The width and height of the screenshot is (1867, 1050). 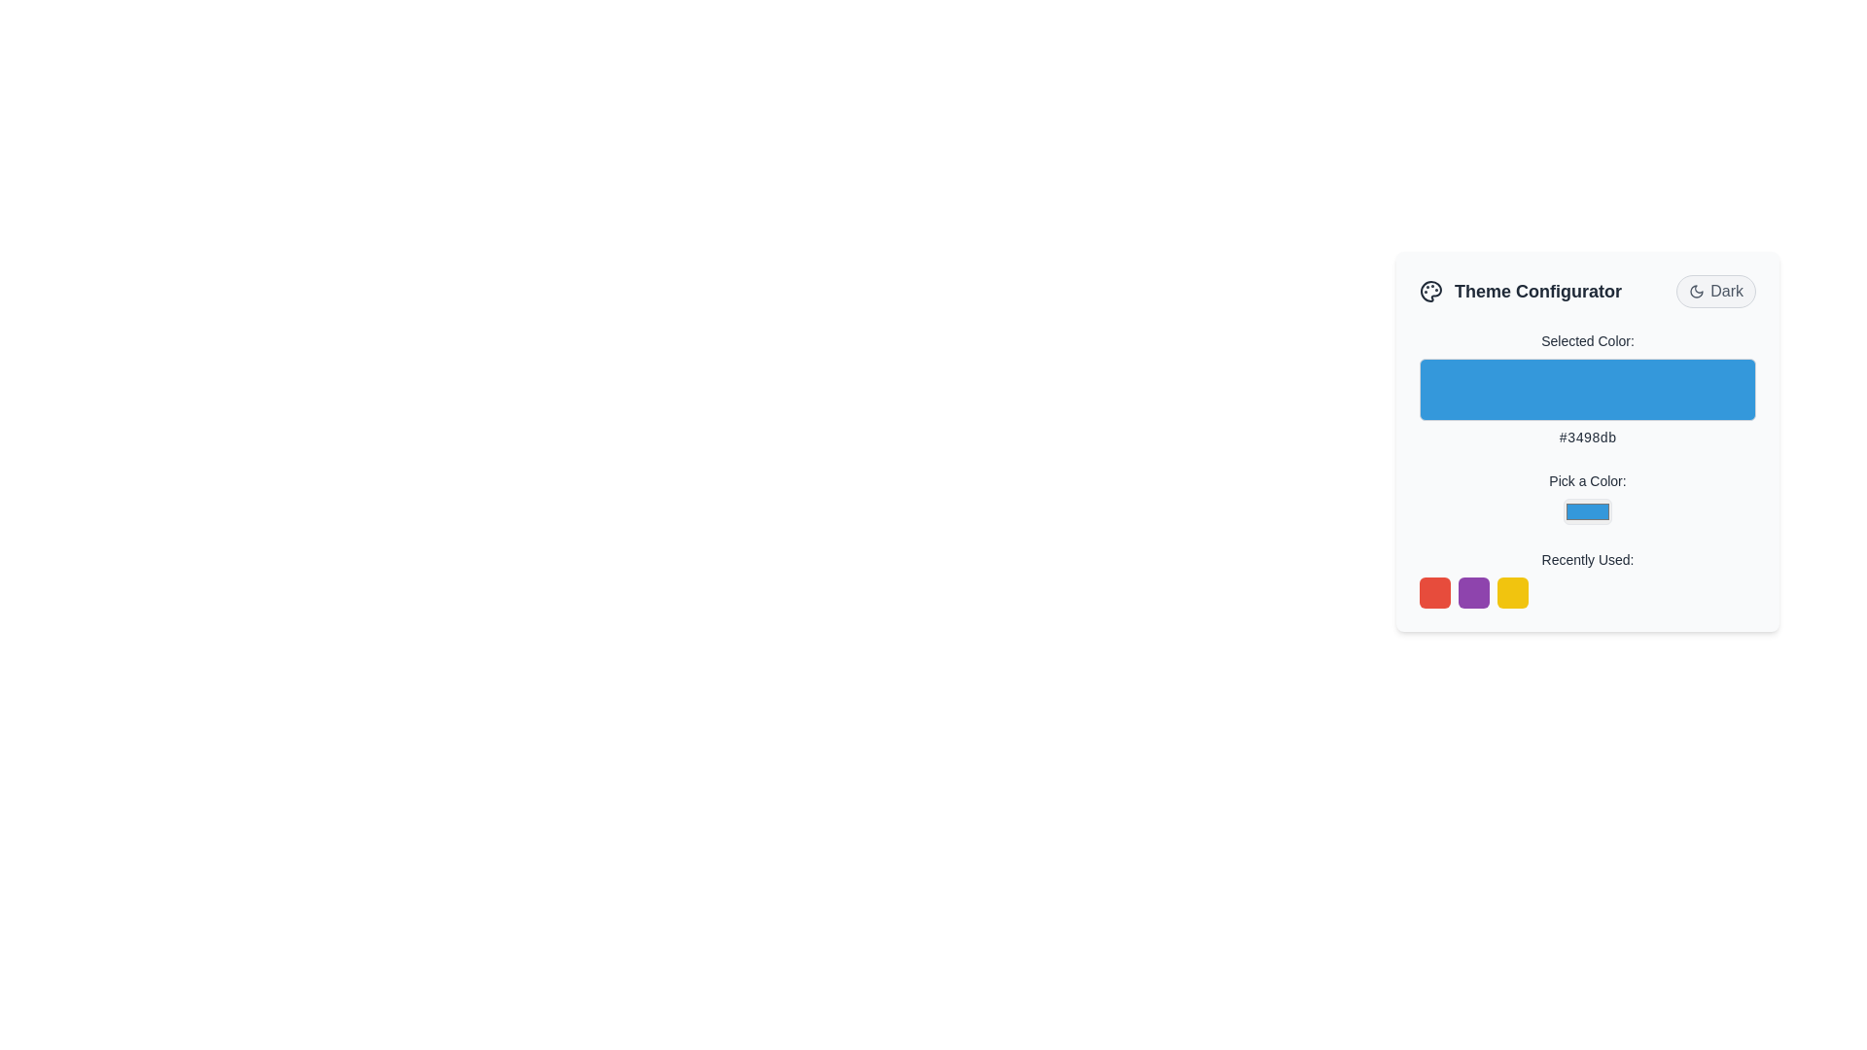 I want to click on the static text displaying the color code '#3498db', which is positioned below the color preview rectangle and labeled 'Selected Color:', so click(x=1587, y=438).